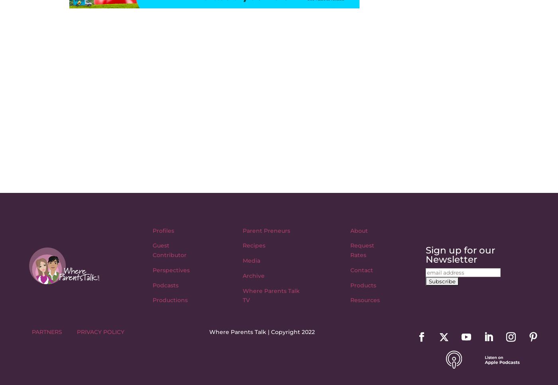 This screenshot has height=385, width=558. I want to click on 'Archive', so click(253, 275).